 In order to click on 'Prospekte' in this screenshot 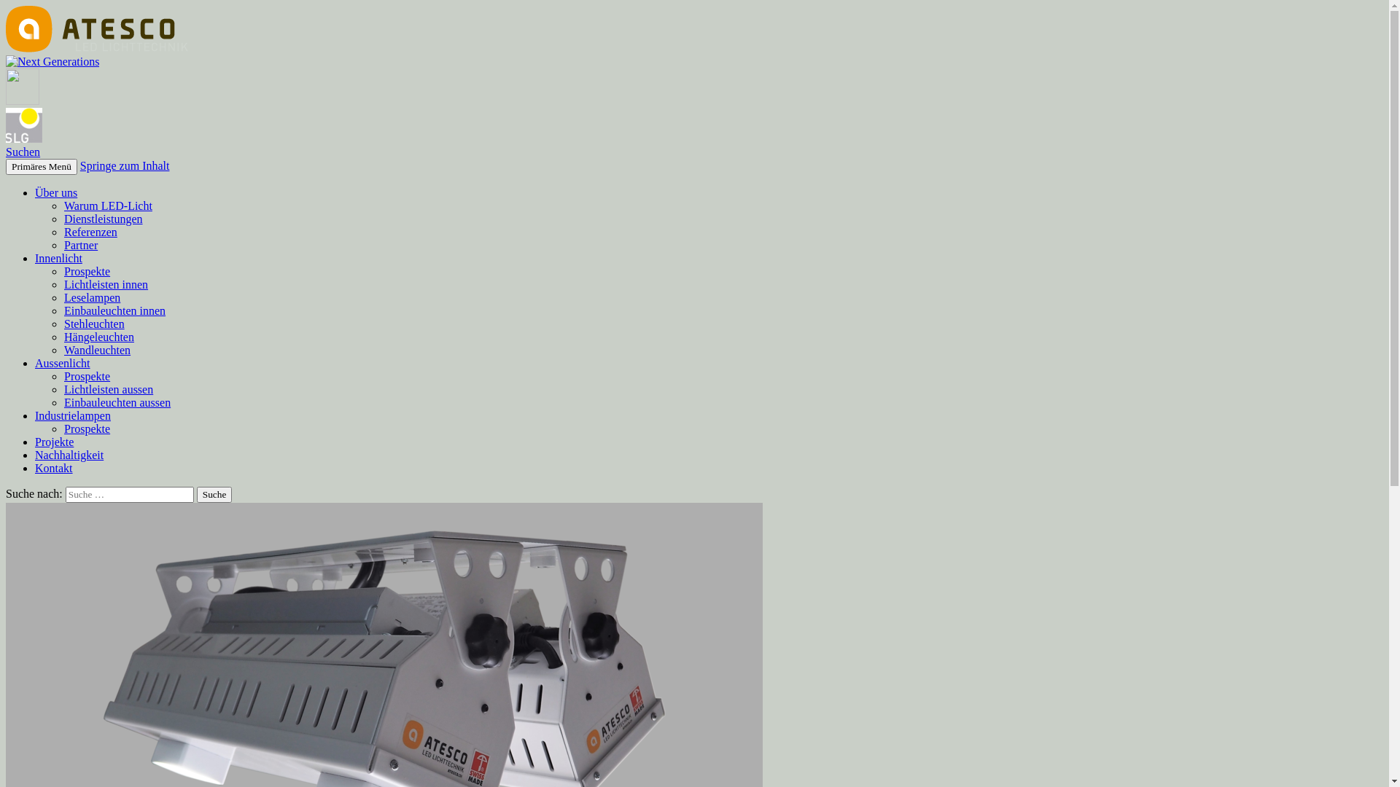, I will do `click(86, 428)`.